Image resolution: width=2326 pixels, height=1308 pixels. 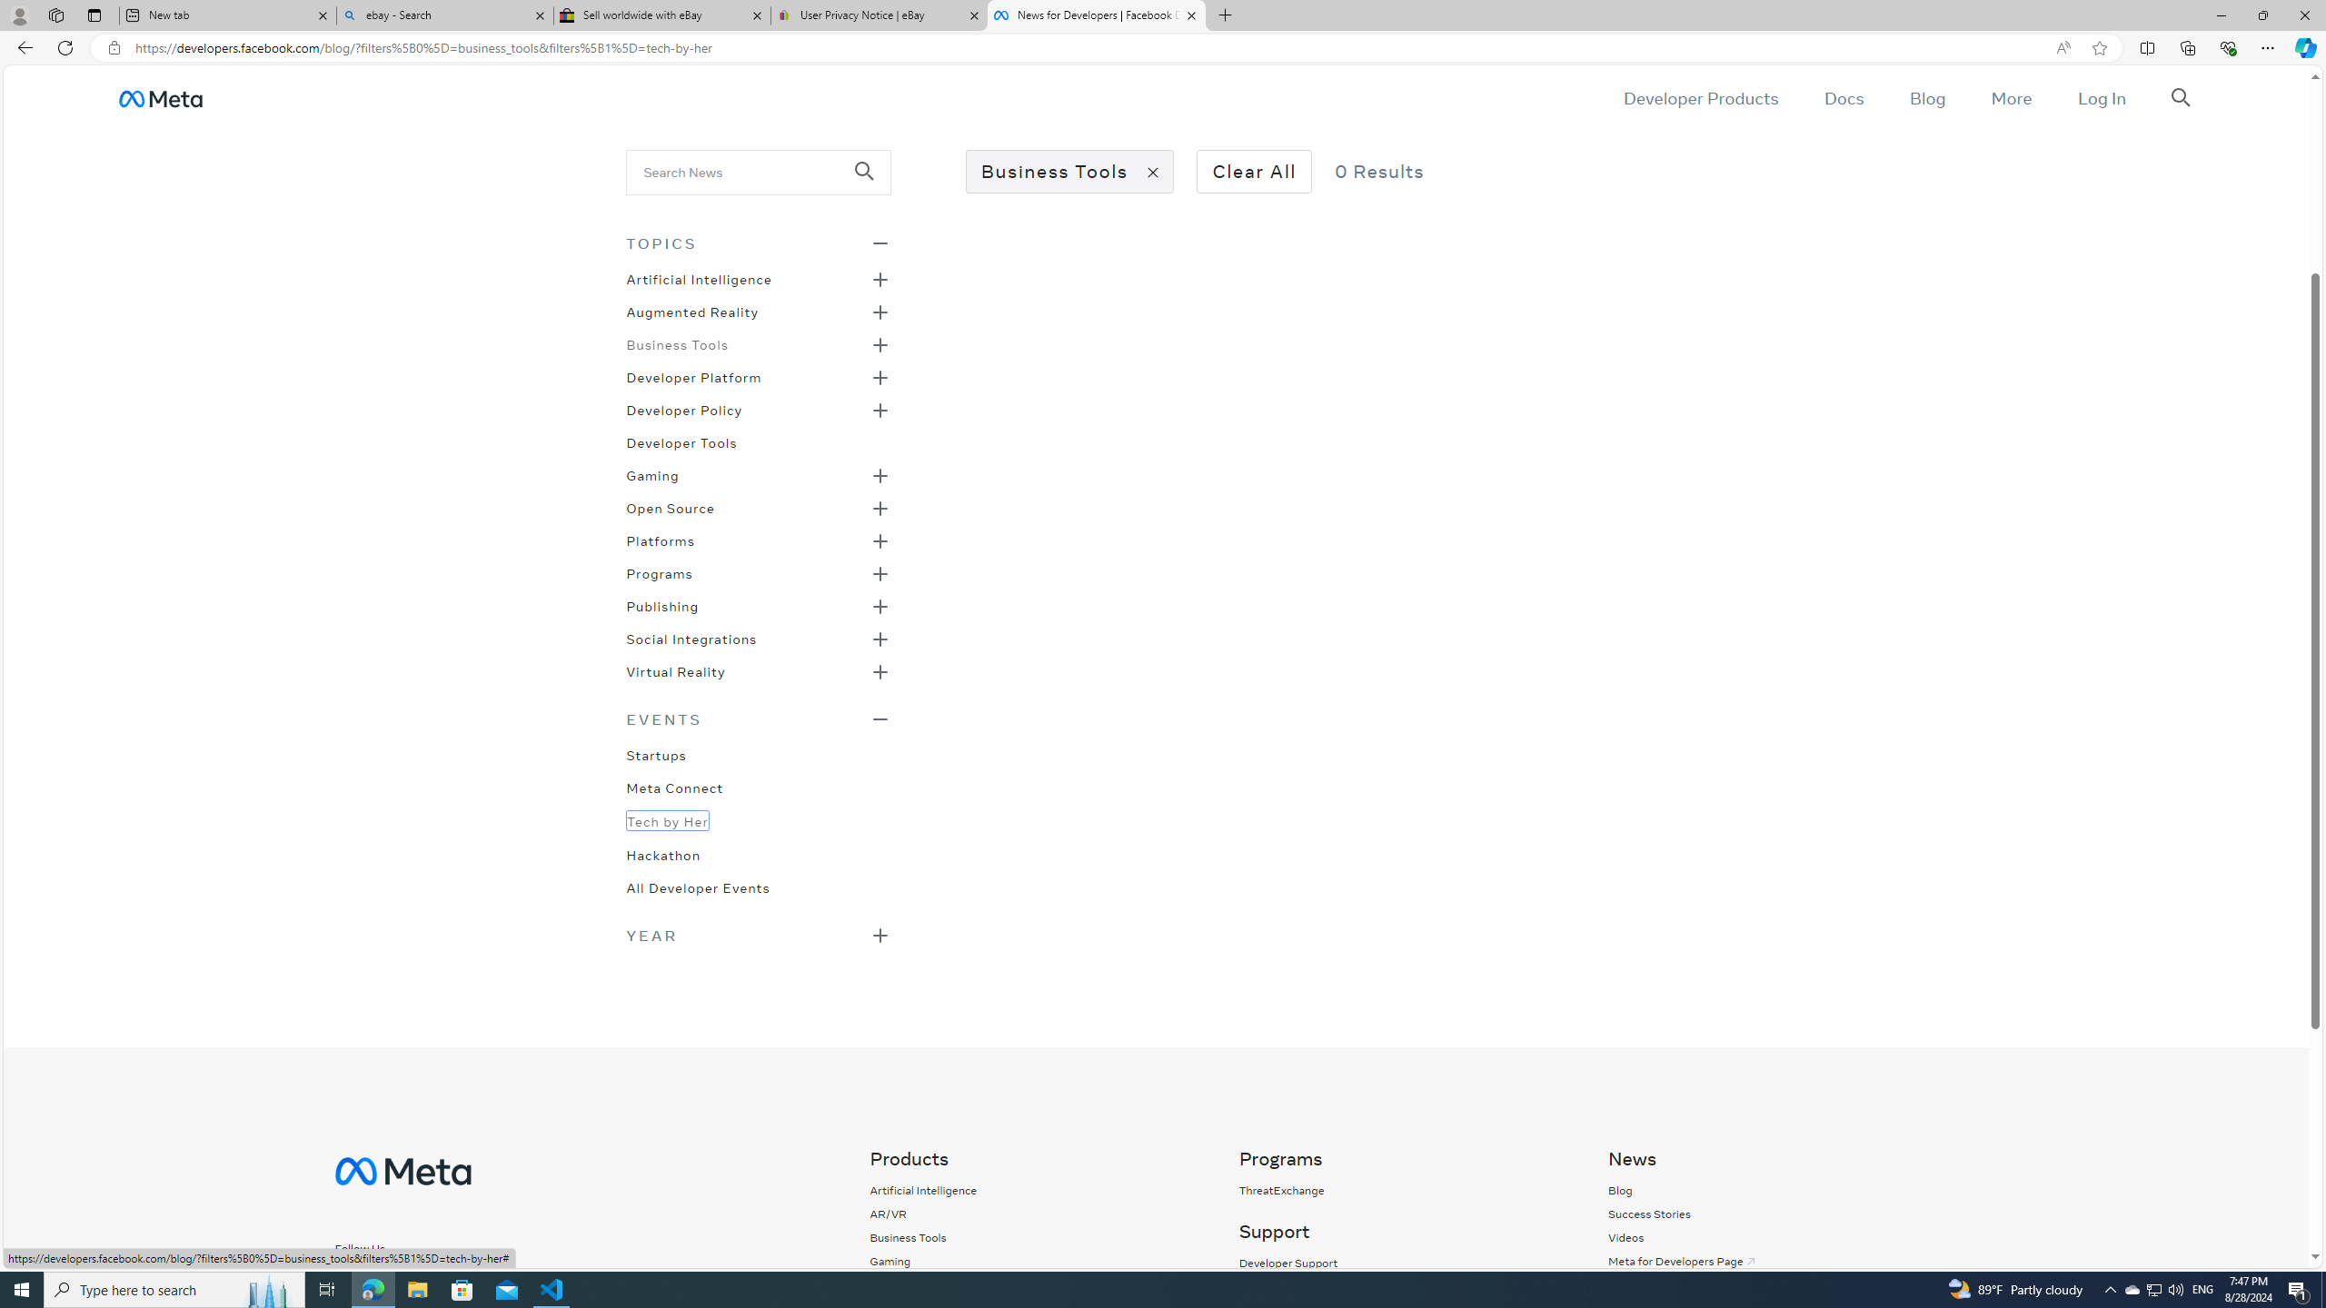 I want to click on 'Class: _98ce', so click(x=871, y=183).